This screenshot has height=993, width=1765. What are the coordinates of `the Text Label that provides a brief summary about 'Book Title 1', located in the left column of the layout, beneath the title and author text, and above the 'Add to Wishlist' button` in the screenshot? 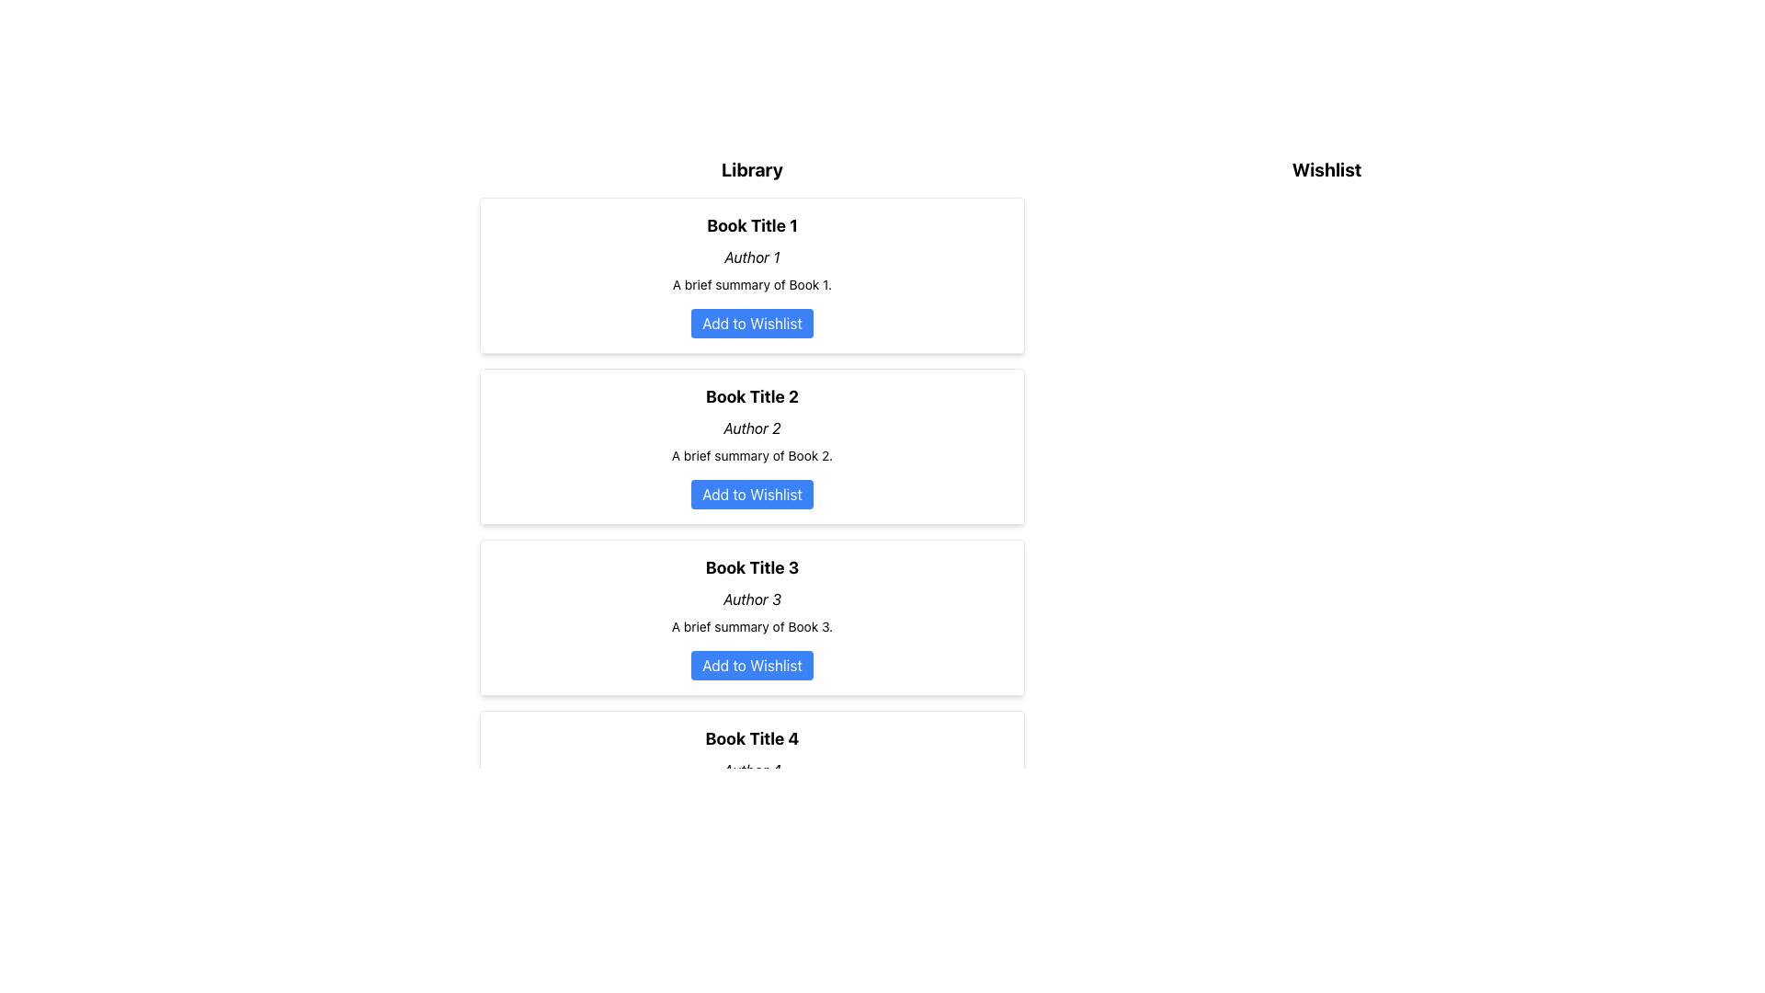 It's located at (752, 284).